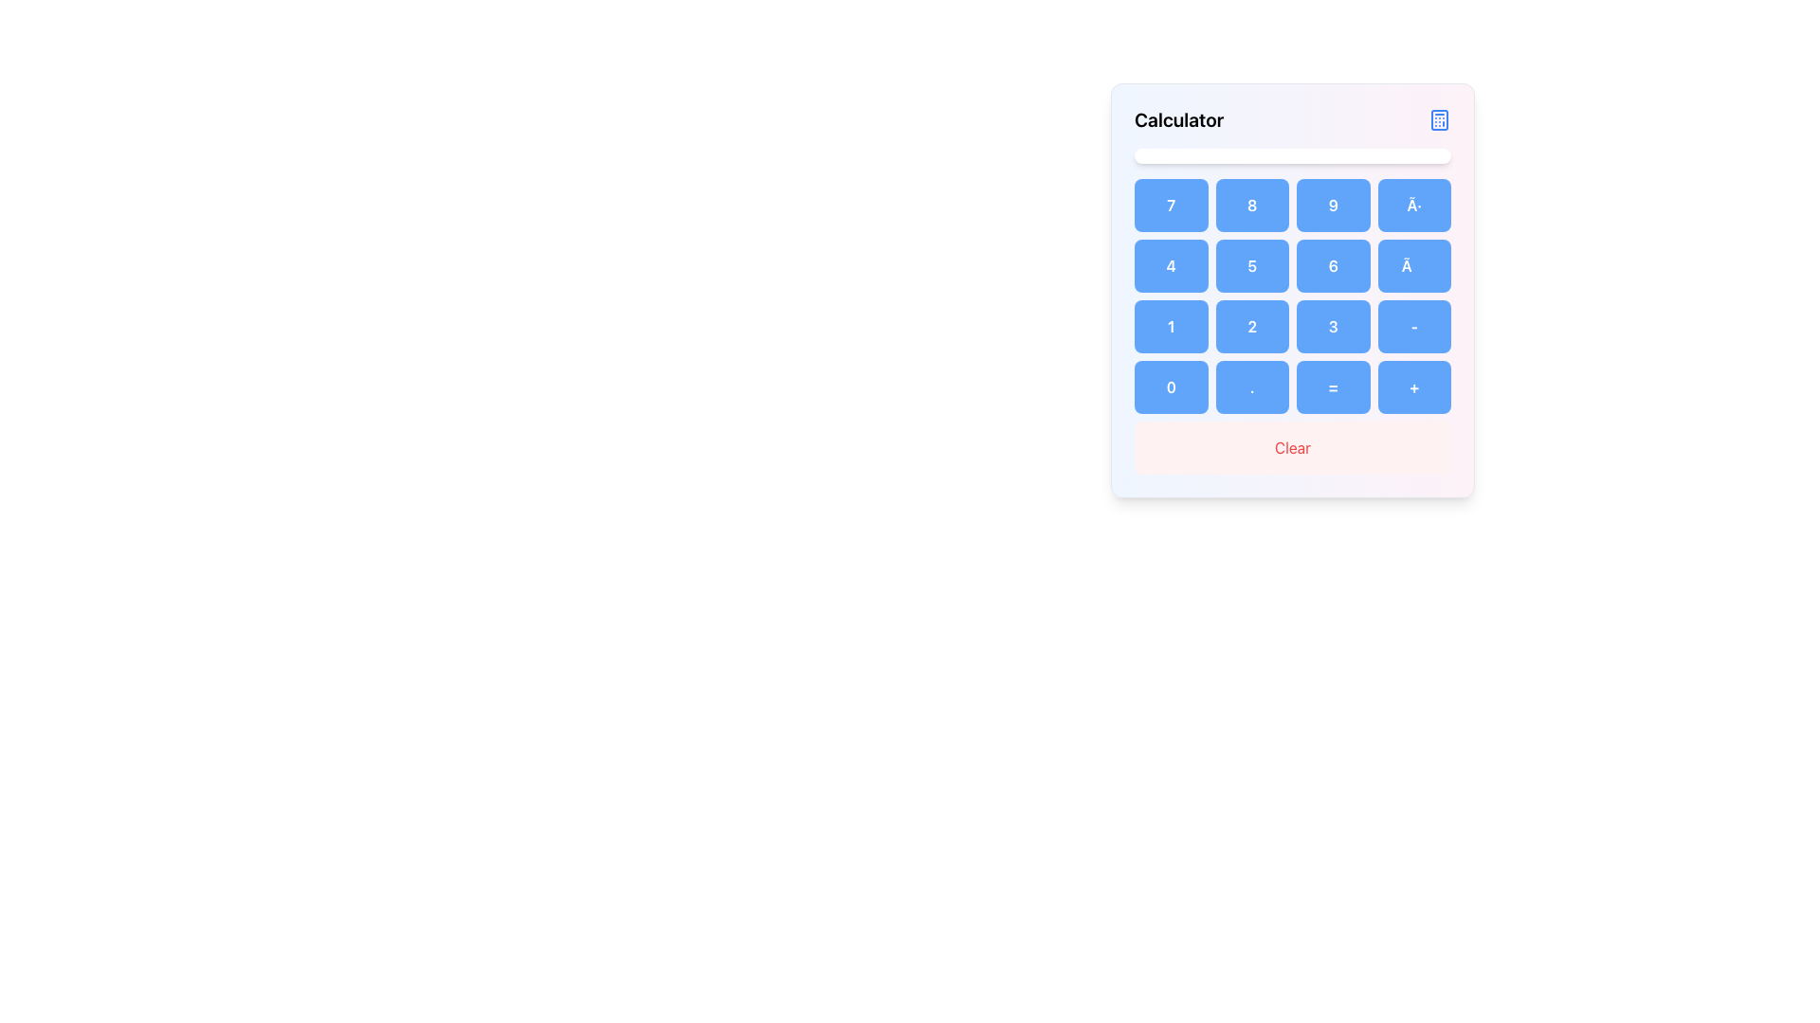 The height and width of the screenshot is (1023, 1820). I want to click on the calculator icon located in the top right corner of the calculator interface header, adjacent, so click(1439, 120).